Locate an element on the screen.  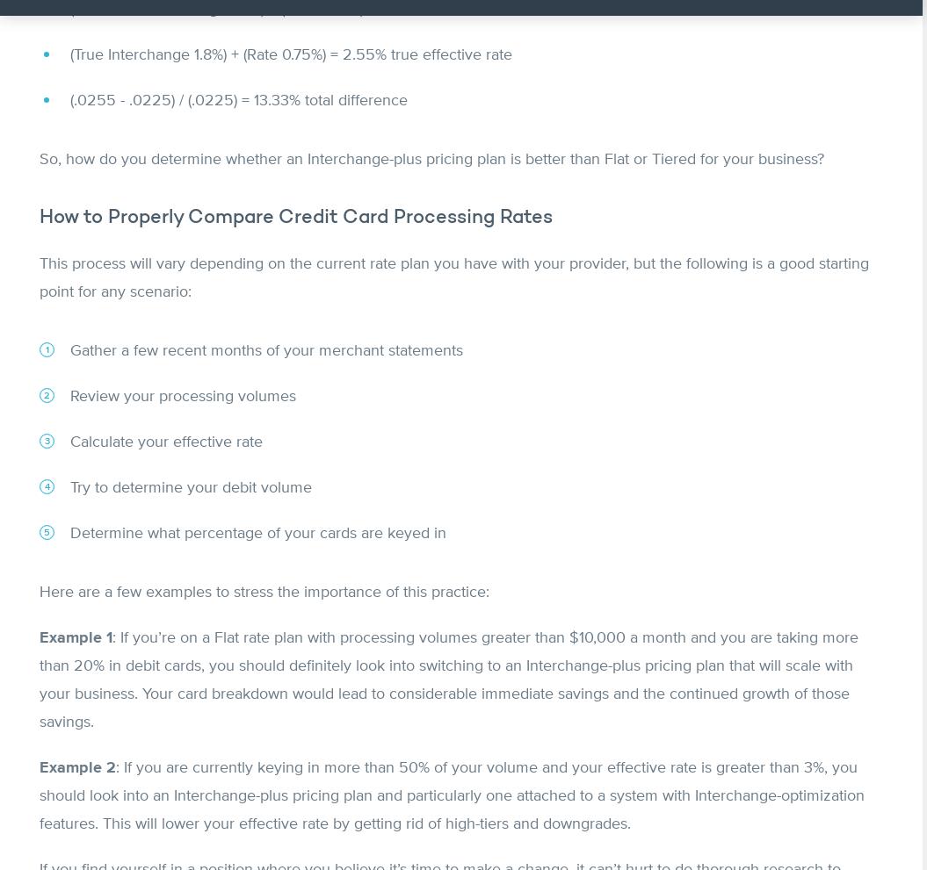
'Review your processing volumes' is located at coordinates (182, 395).